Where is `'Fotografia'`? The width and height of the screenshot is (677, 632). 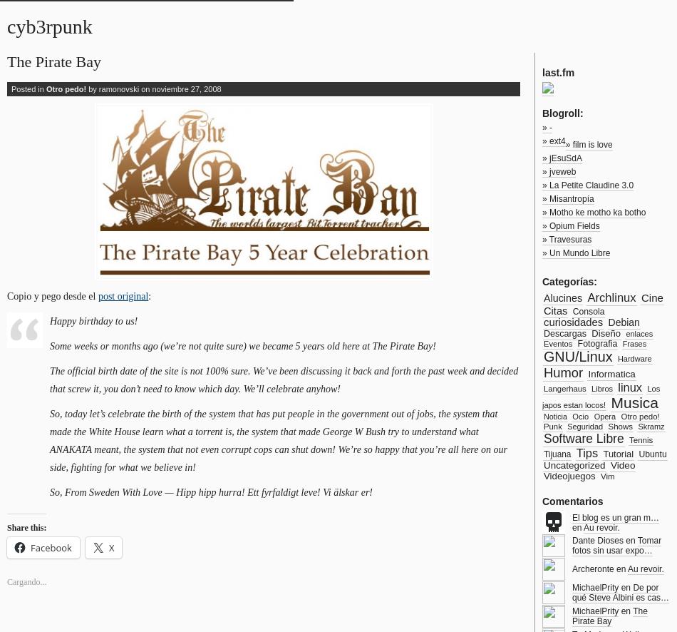
'Fotografia' is located at coordinates (596, 343).